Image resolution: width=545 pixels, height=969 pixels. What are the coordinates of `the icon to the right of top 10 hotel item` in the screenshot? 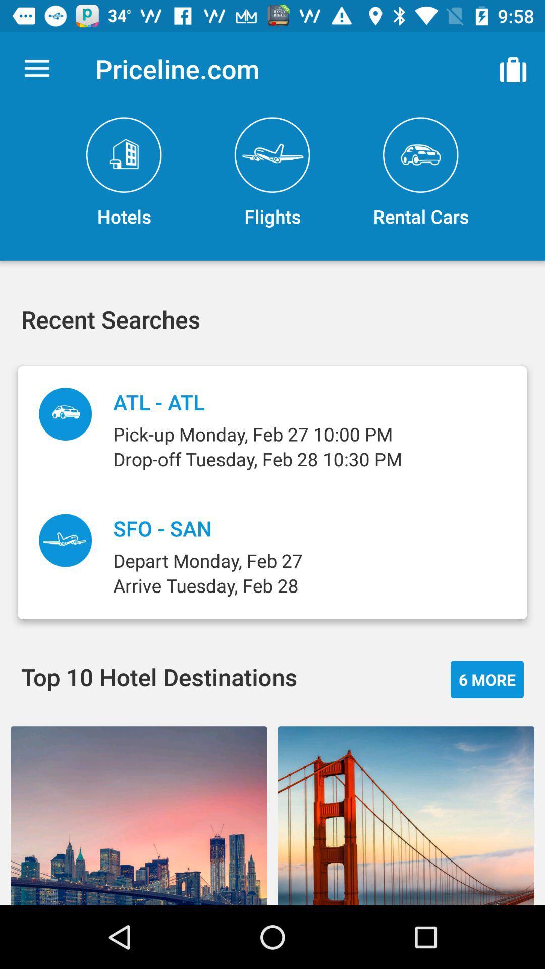 It's located at (486, 679).